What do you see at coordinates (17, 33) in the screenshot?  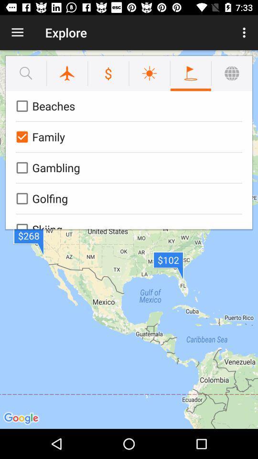 I see `item next to the explore item` at bounding box center [17, 33].